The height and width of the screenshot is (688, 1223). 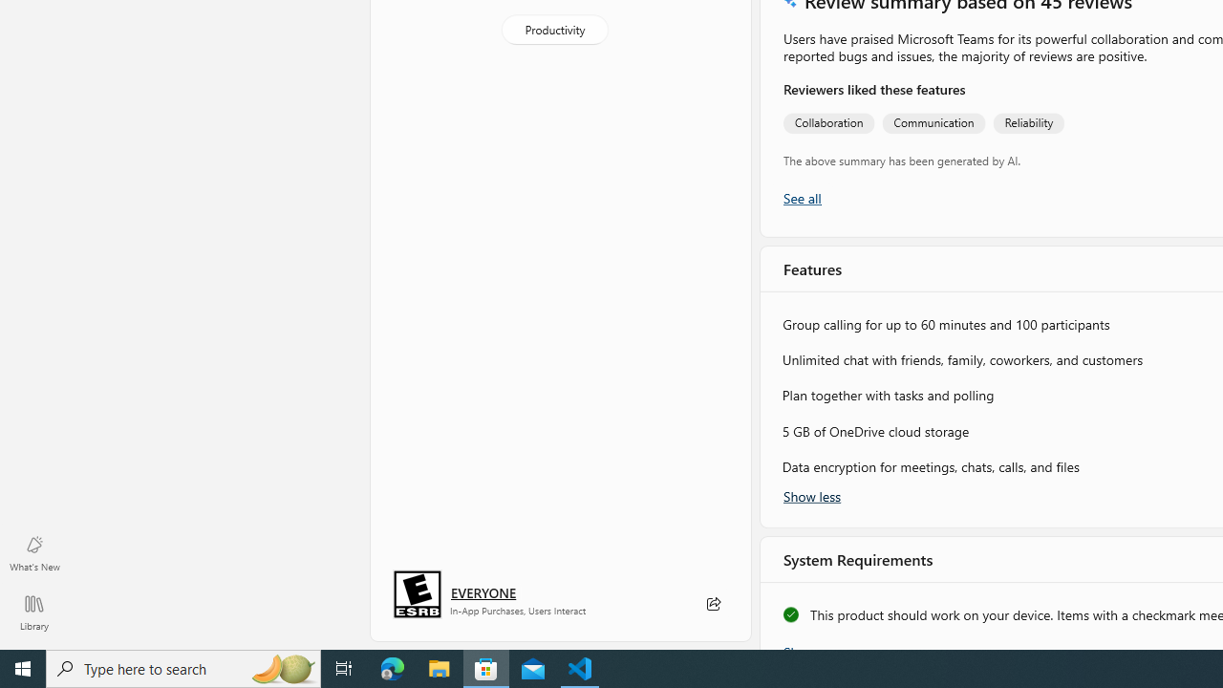 What do you see at coordinates (483, 591) in the screenshot?
I see `'Age rating: EVERYONE. Click for more information.'` at bounding box center [483, 591].